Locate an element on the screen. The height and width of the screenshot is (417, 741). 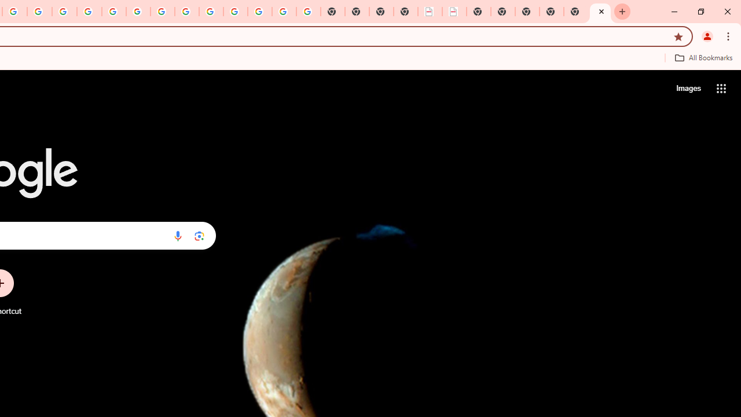
'Google Images' is located at coordinates (309, 12).